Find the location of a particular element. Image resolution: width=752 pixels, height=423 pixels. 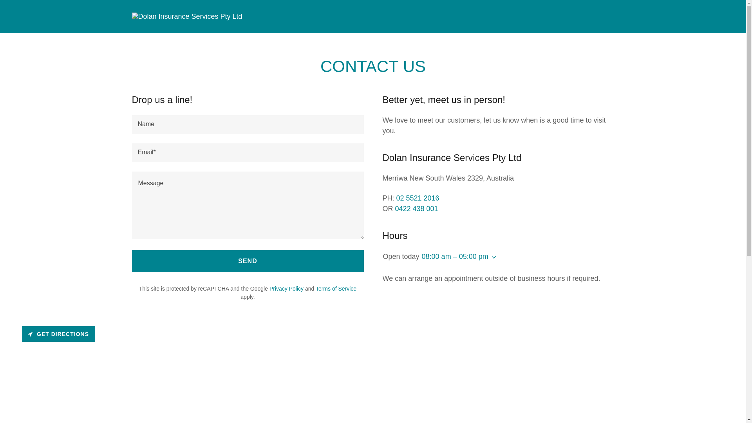

'0422 438 001' is located at coordinates (416, 208).